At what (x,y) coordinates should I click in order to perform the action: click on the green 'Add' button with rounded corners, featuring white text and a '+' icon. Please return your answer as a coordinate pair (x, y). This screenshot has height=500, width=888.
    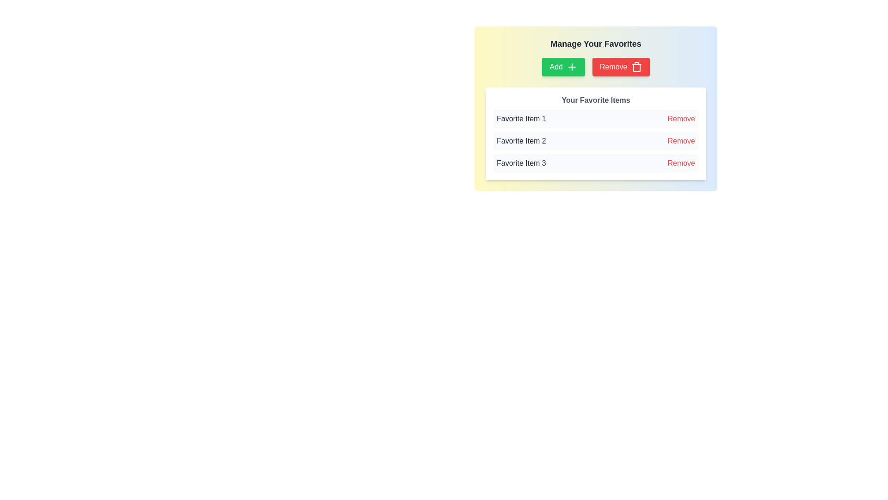
    Looking at the image, I should click on (563, 67).